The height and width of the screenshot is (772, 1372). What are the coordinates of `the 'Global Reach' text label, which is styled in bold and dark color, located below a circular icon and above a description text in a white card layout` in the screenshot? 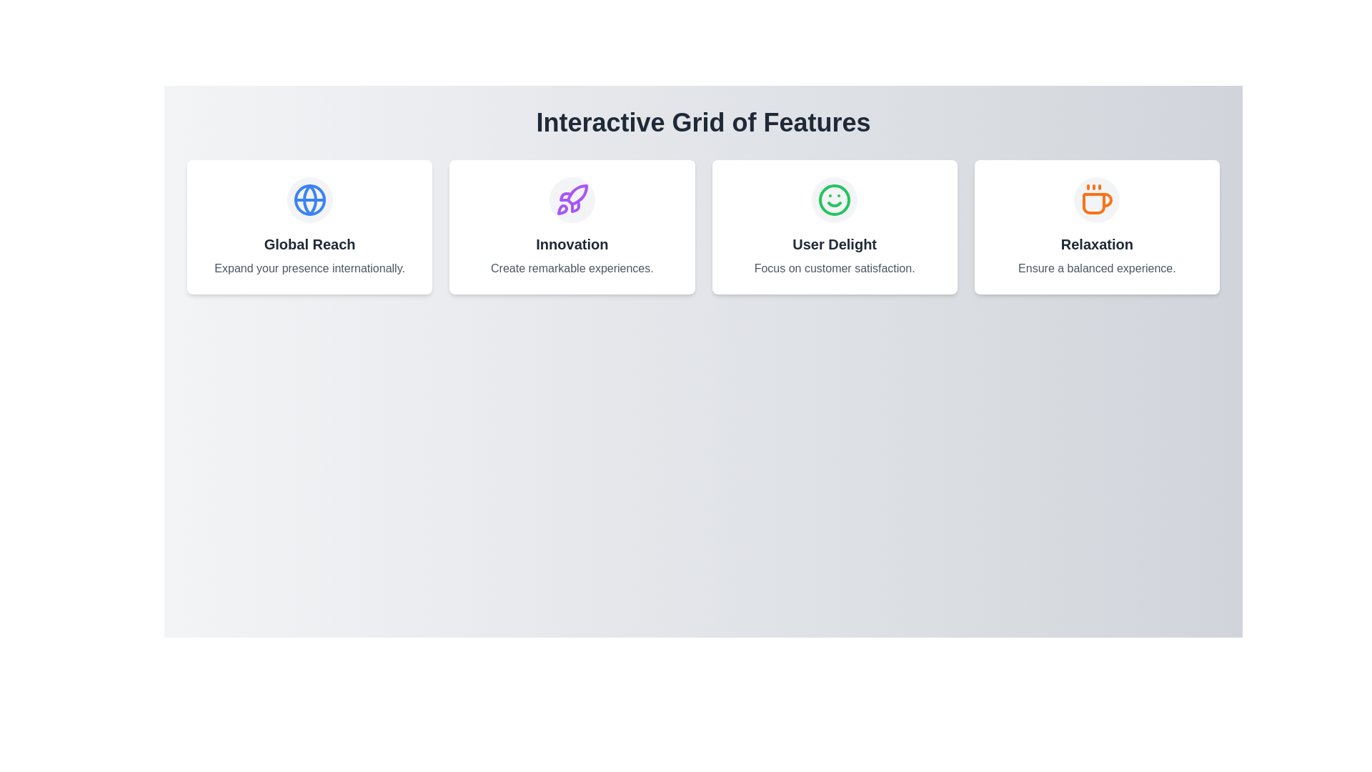 It's located at (309, 244).